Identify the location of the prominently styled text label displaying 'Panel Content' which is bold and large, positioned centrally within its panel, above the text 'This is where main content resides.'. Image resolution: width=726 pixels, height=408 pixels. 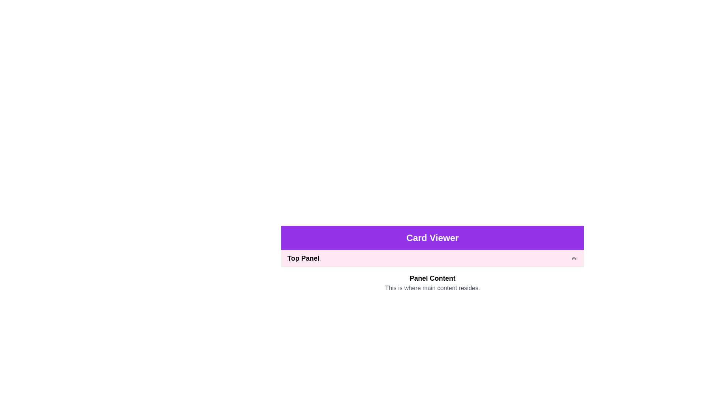
(432, 278).